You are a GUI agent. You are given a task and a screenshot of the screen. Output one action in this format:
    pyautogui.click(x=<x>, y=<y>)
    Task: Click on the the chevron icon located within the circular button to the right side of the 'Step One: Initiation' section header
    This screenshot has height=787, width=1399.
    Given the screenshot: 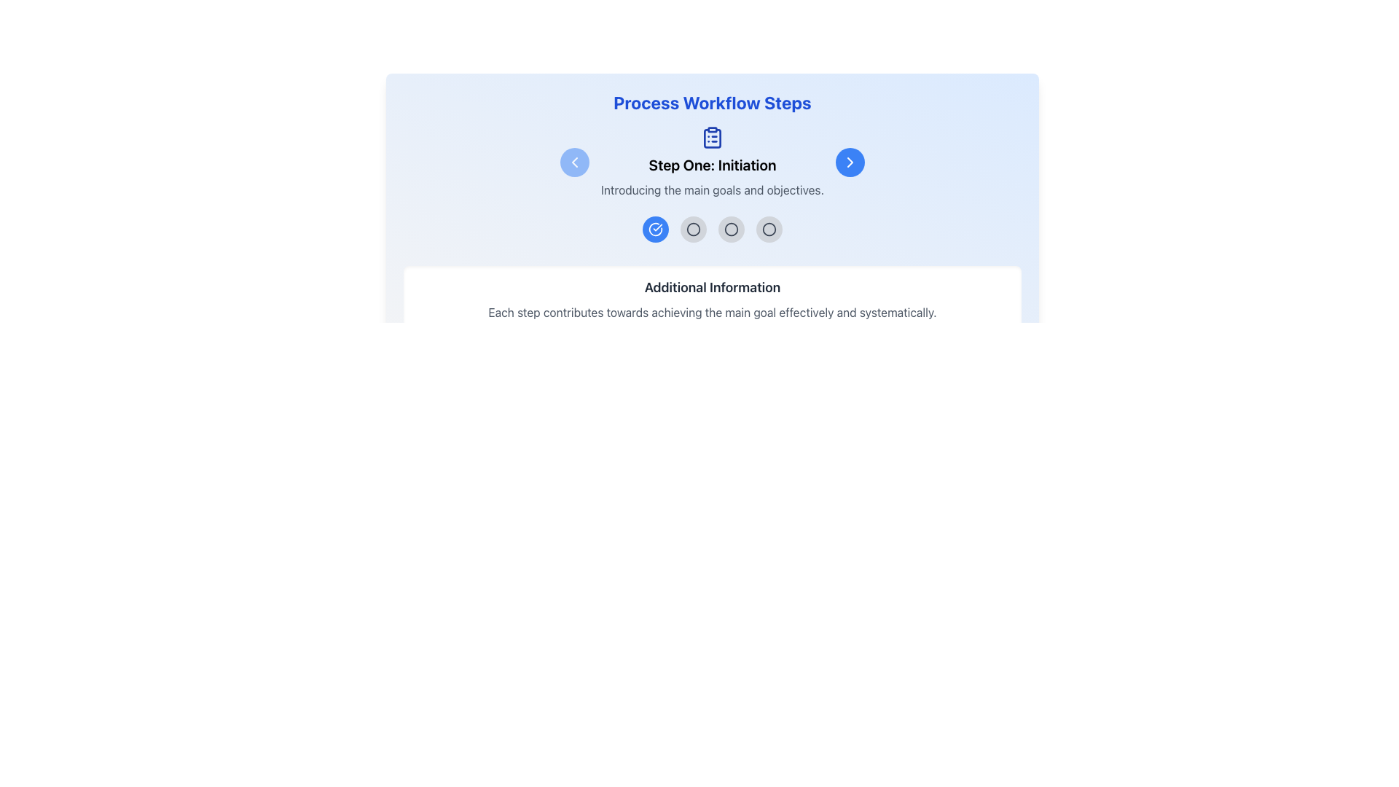 What is the action you would take?
    pyautogui.click(x=850, y=163)
    